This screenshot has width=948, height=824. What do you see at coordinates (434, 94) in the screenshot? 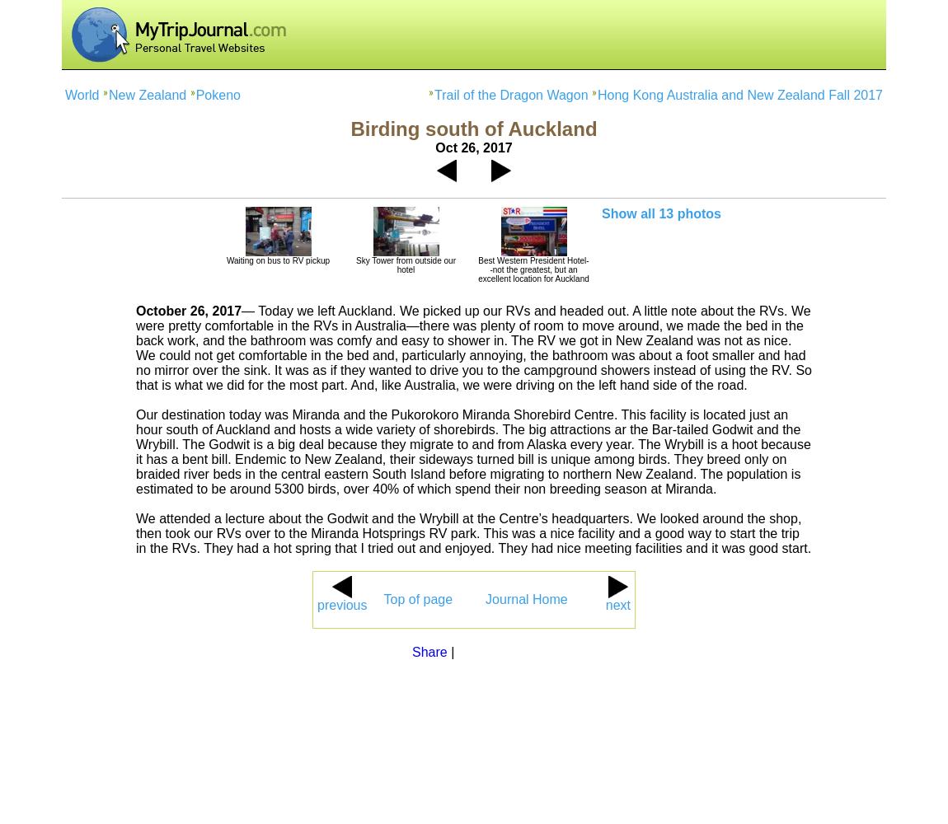
I see `'Trail of the Dragon Wagon'` at bounding box center [434, 94].